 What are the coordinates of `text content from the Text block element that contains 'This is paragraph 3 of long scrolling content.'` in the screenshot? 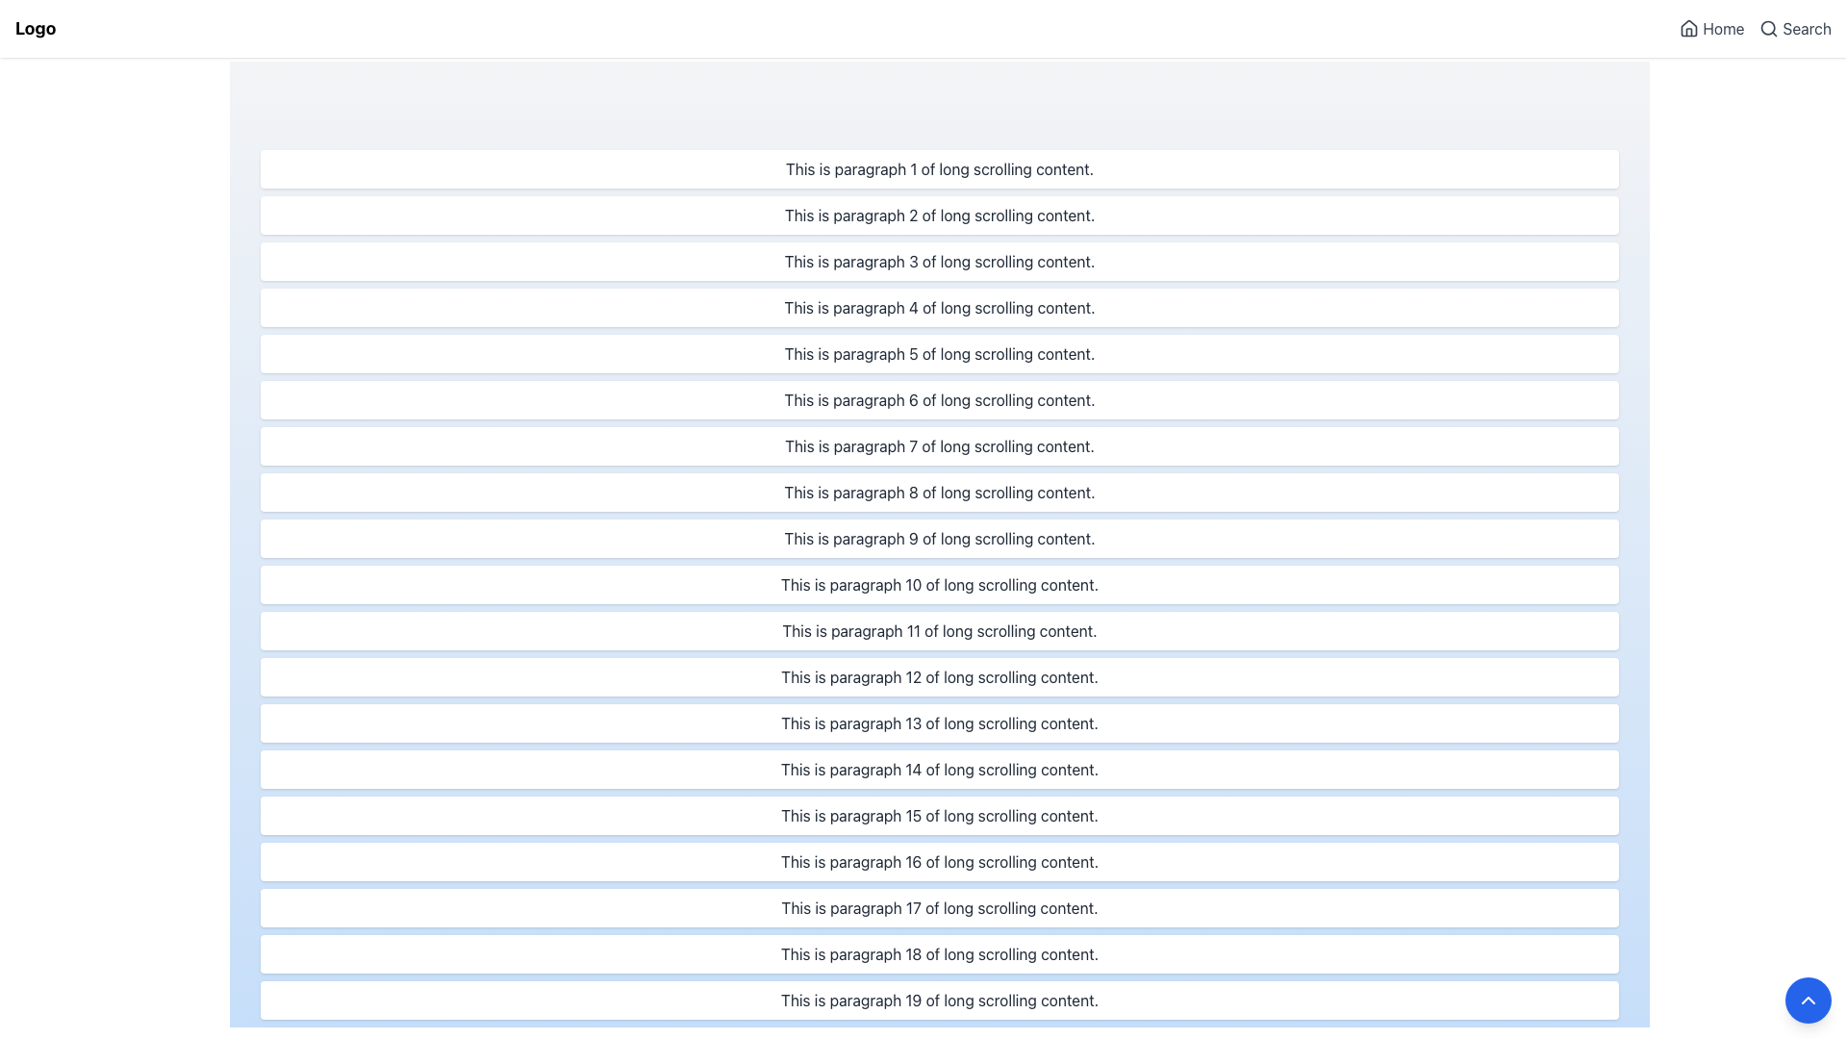 It's located at (940, 262).